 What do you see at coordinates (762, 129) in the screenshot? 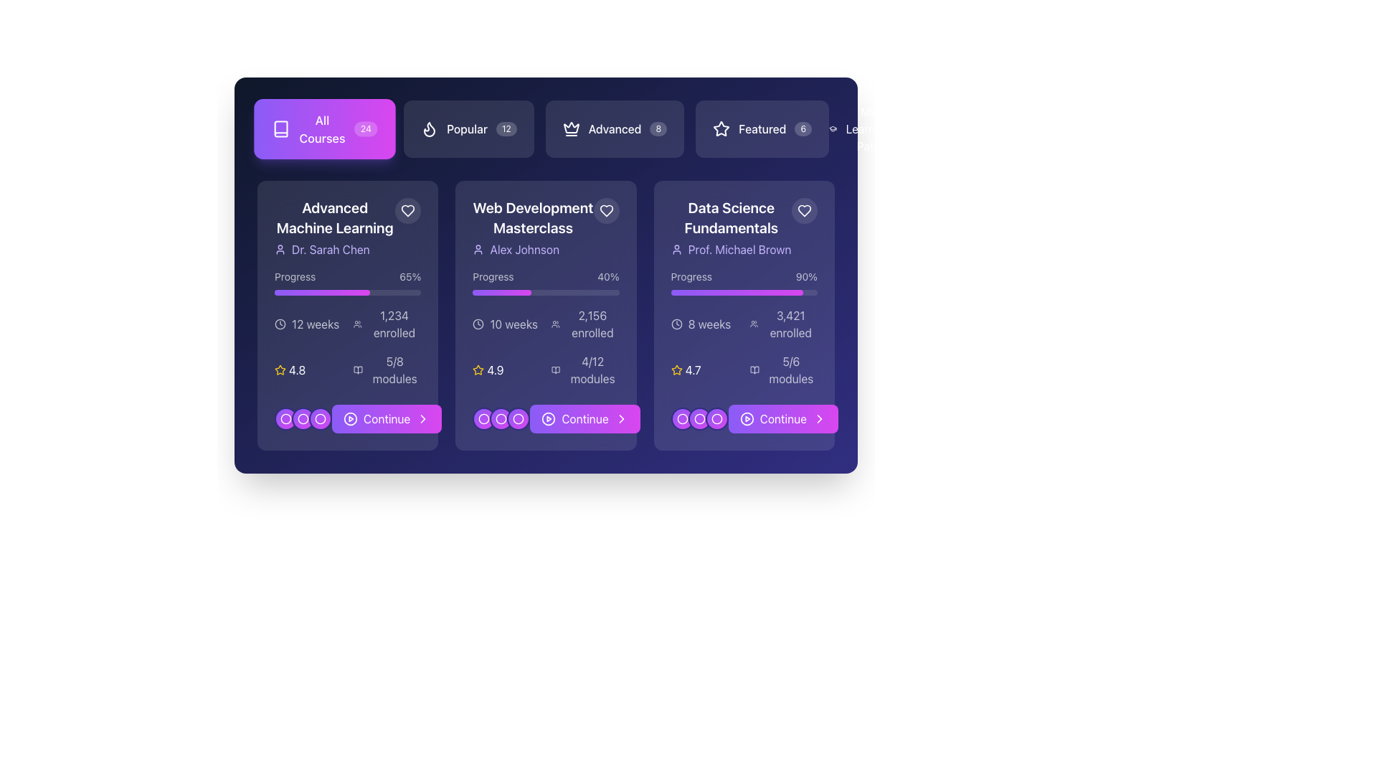
I see `the 'Featured' text label located within the category section, positioned between a star icon and a small badge displaying '6'` at bounding box center [762, 129].